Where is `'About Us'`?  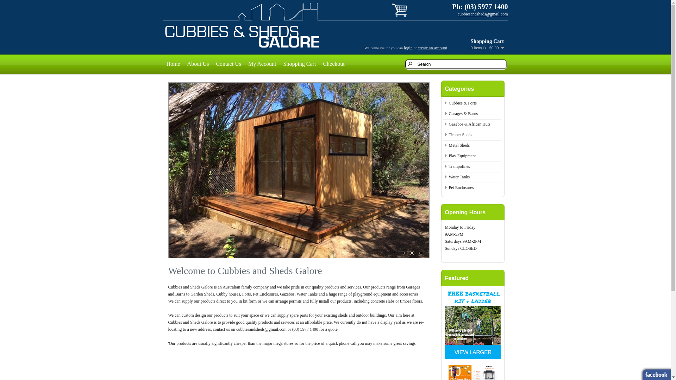
'About Us' is located at coordinates (198, 64).